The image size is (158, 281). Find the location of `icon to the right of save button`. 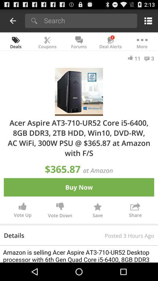

icon to the right of save button is located at coordinates (135, 211).